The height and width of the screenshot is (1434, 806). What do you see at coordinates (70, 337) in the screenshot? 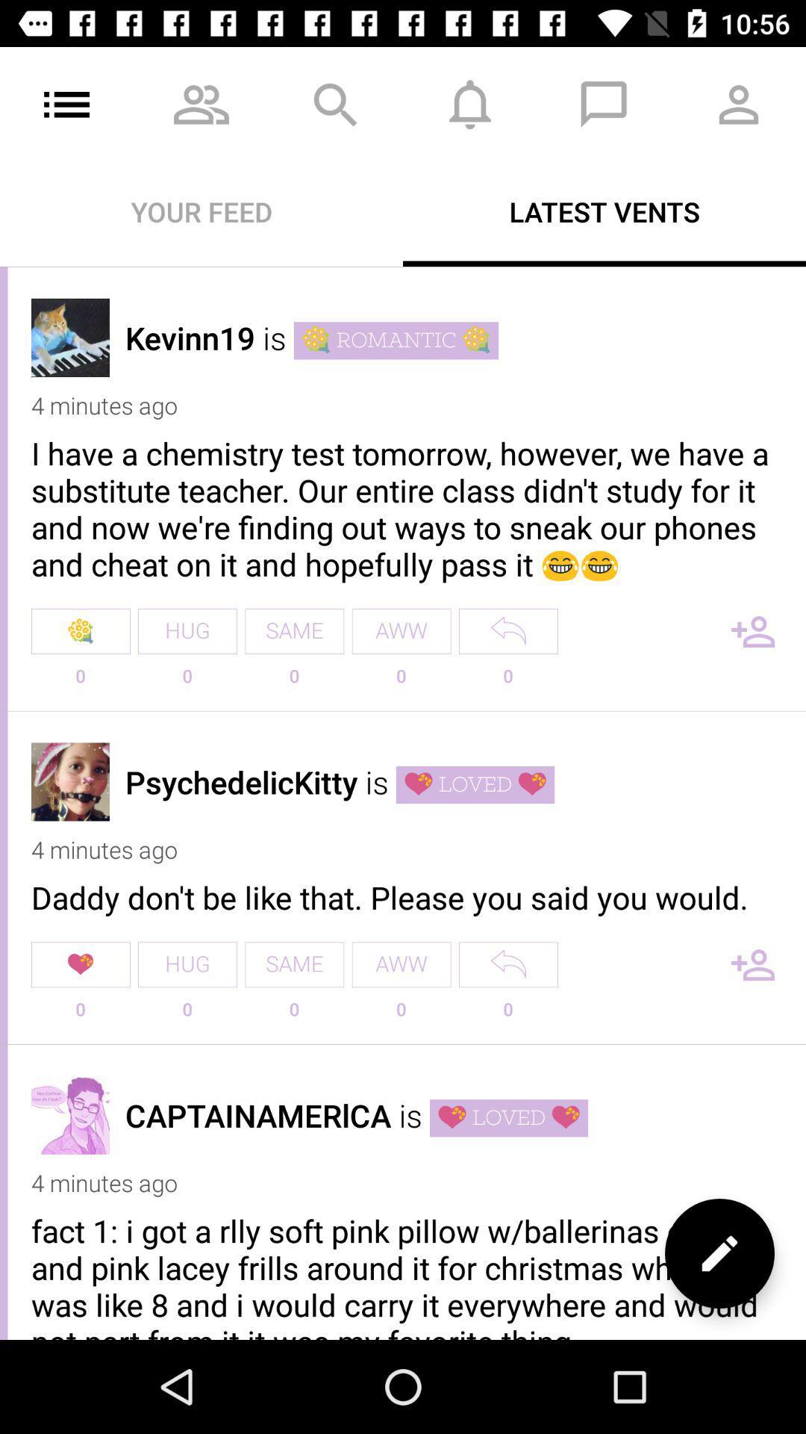
I see `profile picture` at bounding box center [70, 337].